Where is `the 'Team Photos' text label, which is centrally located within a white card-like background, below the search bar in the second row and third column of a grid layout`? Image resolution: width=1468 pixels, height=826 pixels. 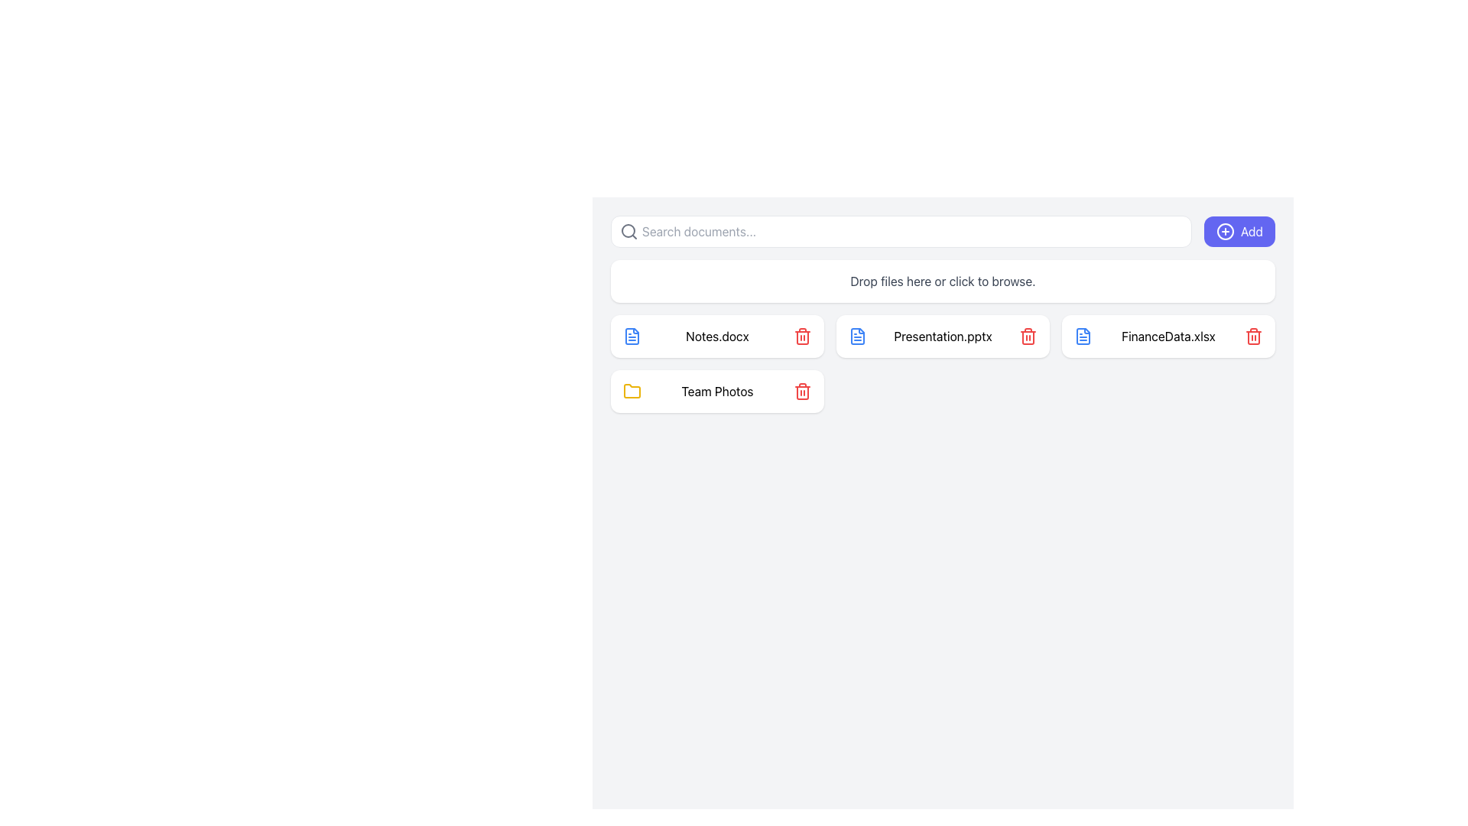 the 'Team Photos' text label, which is centrally located within a white card-like background, below the search bar in the second row and third column of a grid layout is located at coordinates (716, 391).